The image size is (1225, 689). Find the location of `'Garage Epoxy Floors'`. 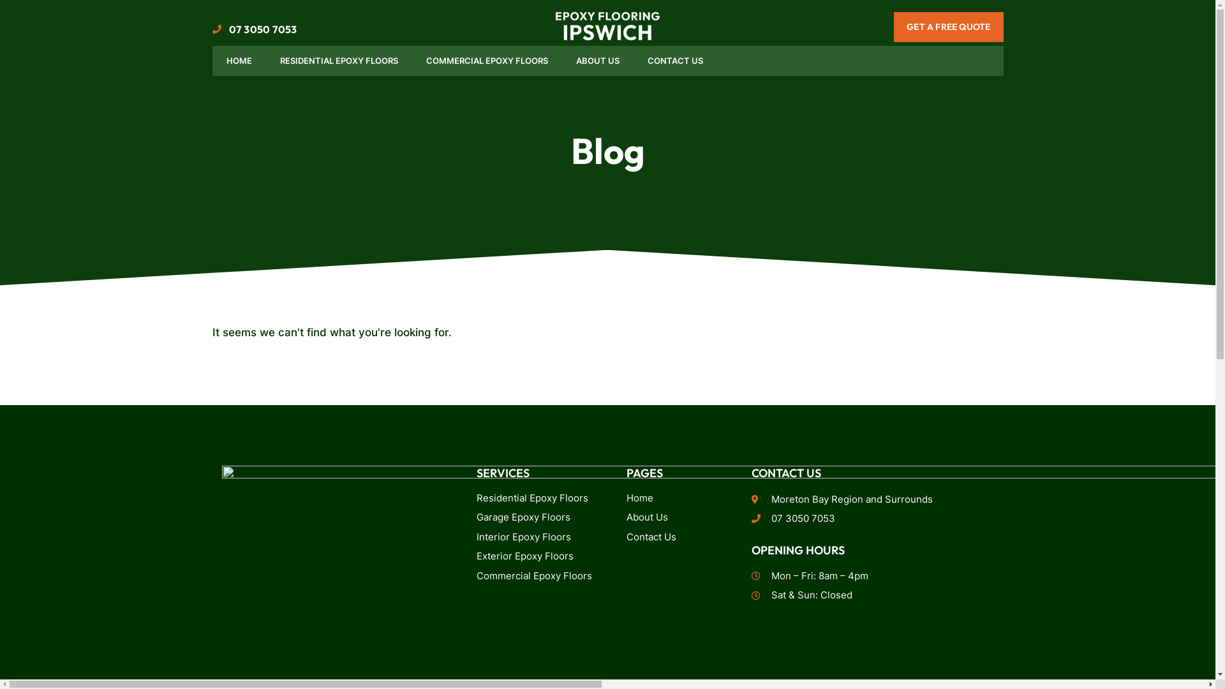

'Garage Epoxy Floors' is located at coordinates (537, 517).